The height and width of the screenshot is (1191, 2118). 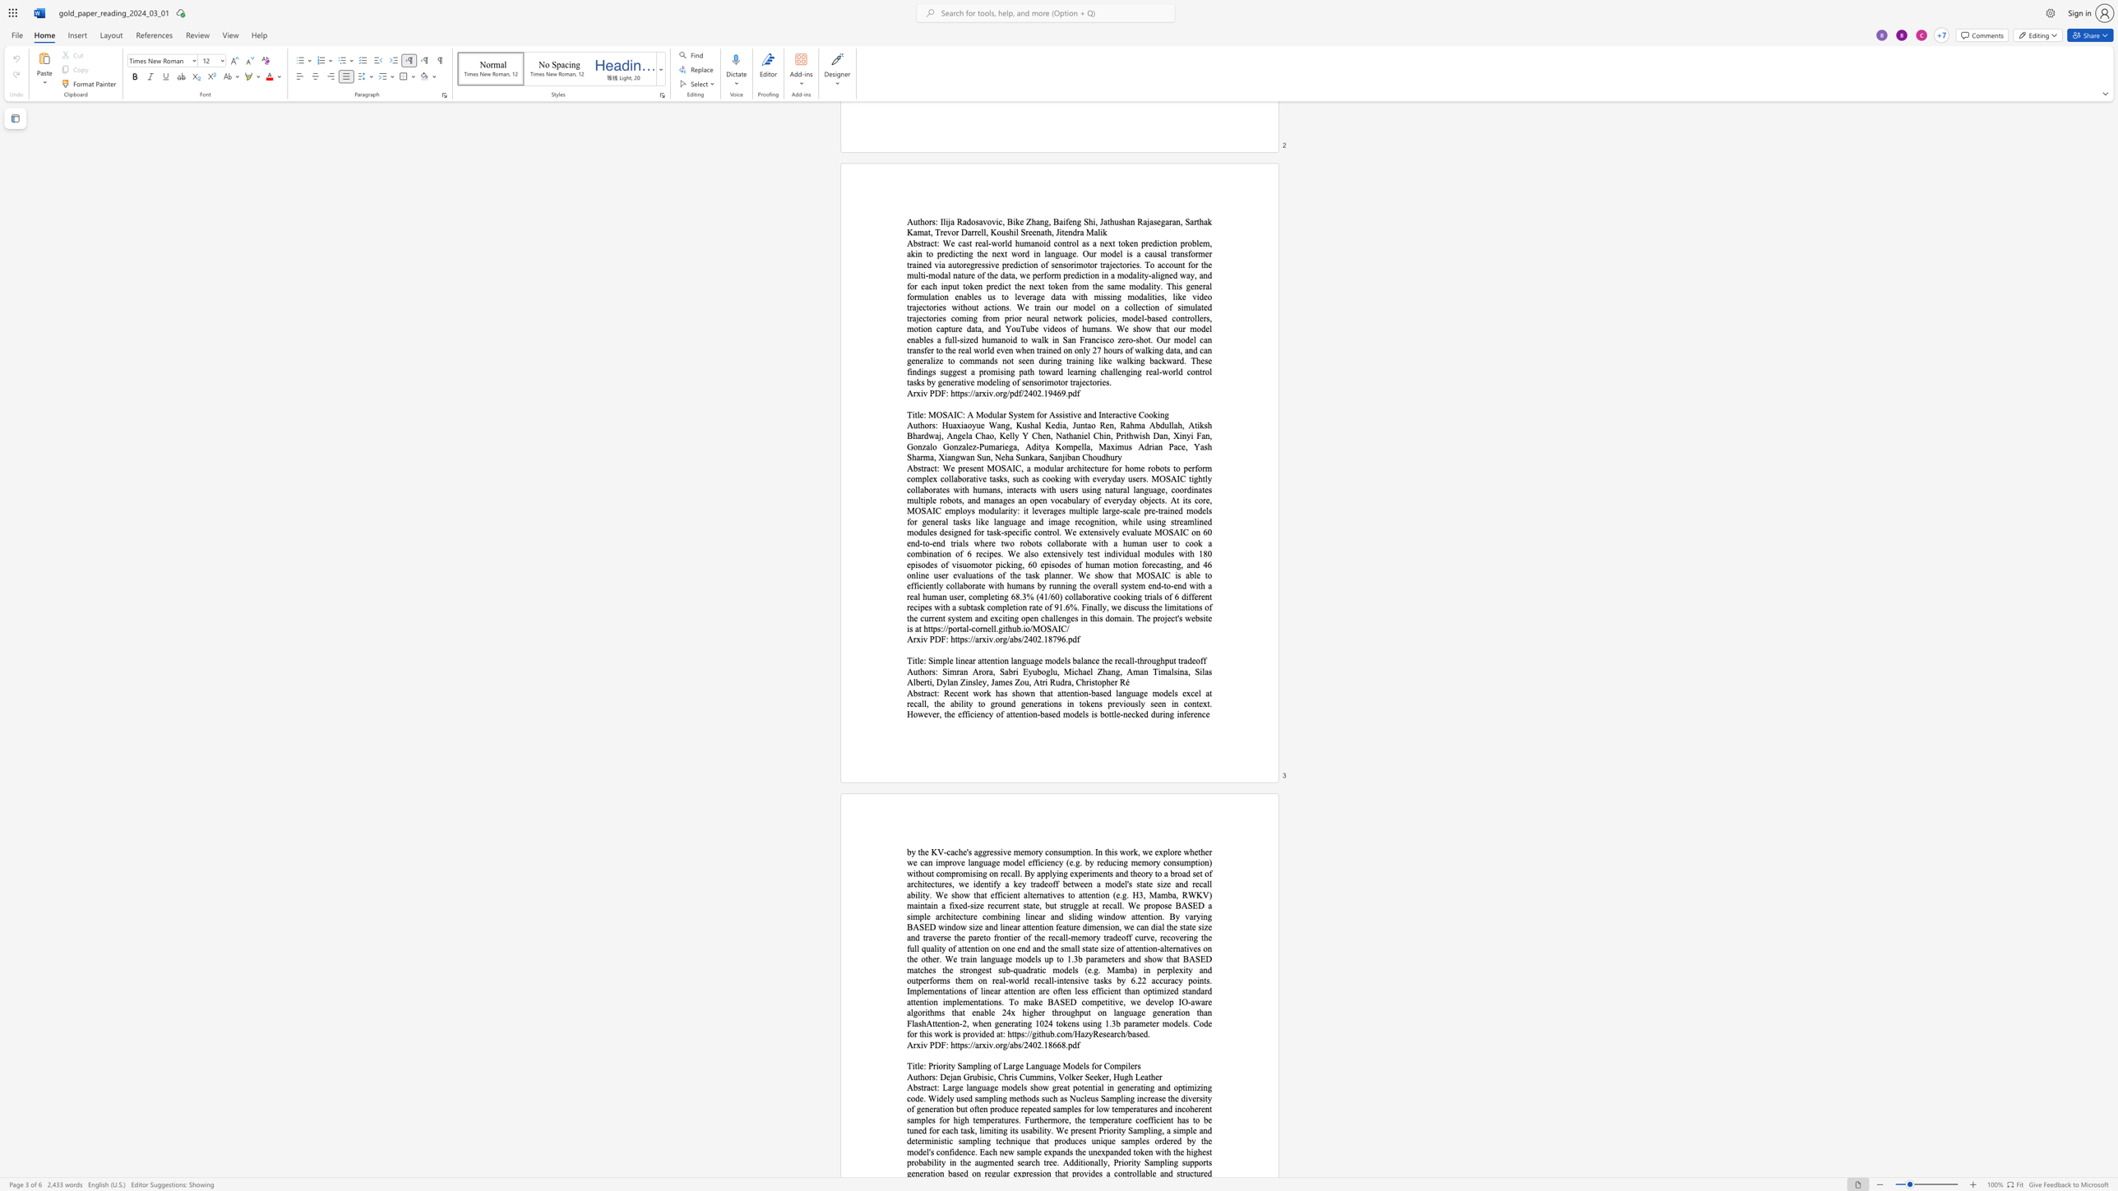 What do you see at coordinates (1040, 671) in the screenshot?
I see `the space between the continuous character "b" and "o" in the text` at bounding box center [1040, 671].